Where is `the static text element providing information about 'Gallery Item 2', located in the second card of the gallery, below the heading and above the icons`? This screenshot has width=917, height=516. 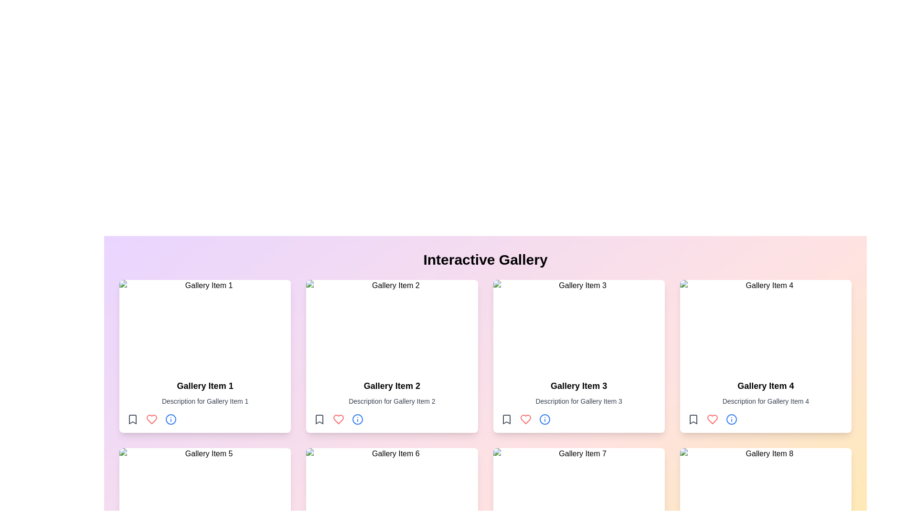
the static text element providing information about 'Gallery Item 2', located in the second card of the gallery, below the heading and above the icons is located at coordinates (392, 401).